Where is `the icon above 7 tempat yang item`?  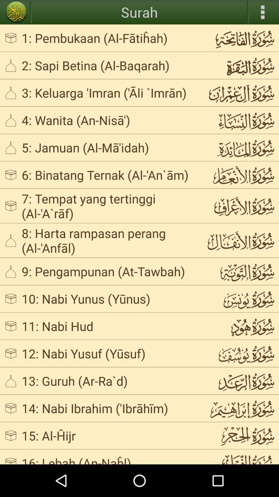 the icon above 7 tempat yang item is located at coordinates (110, 175).